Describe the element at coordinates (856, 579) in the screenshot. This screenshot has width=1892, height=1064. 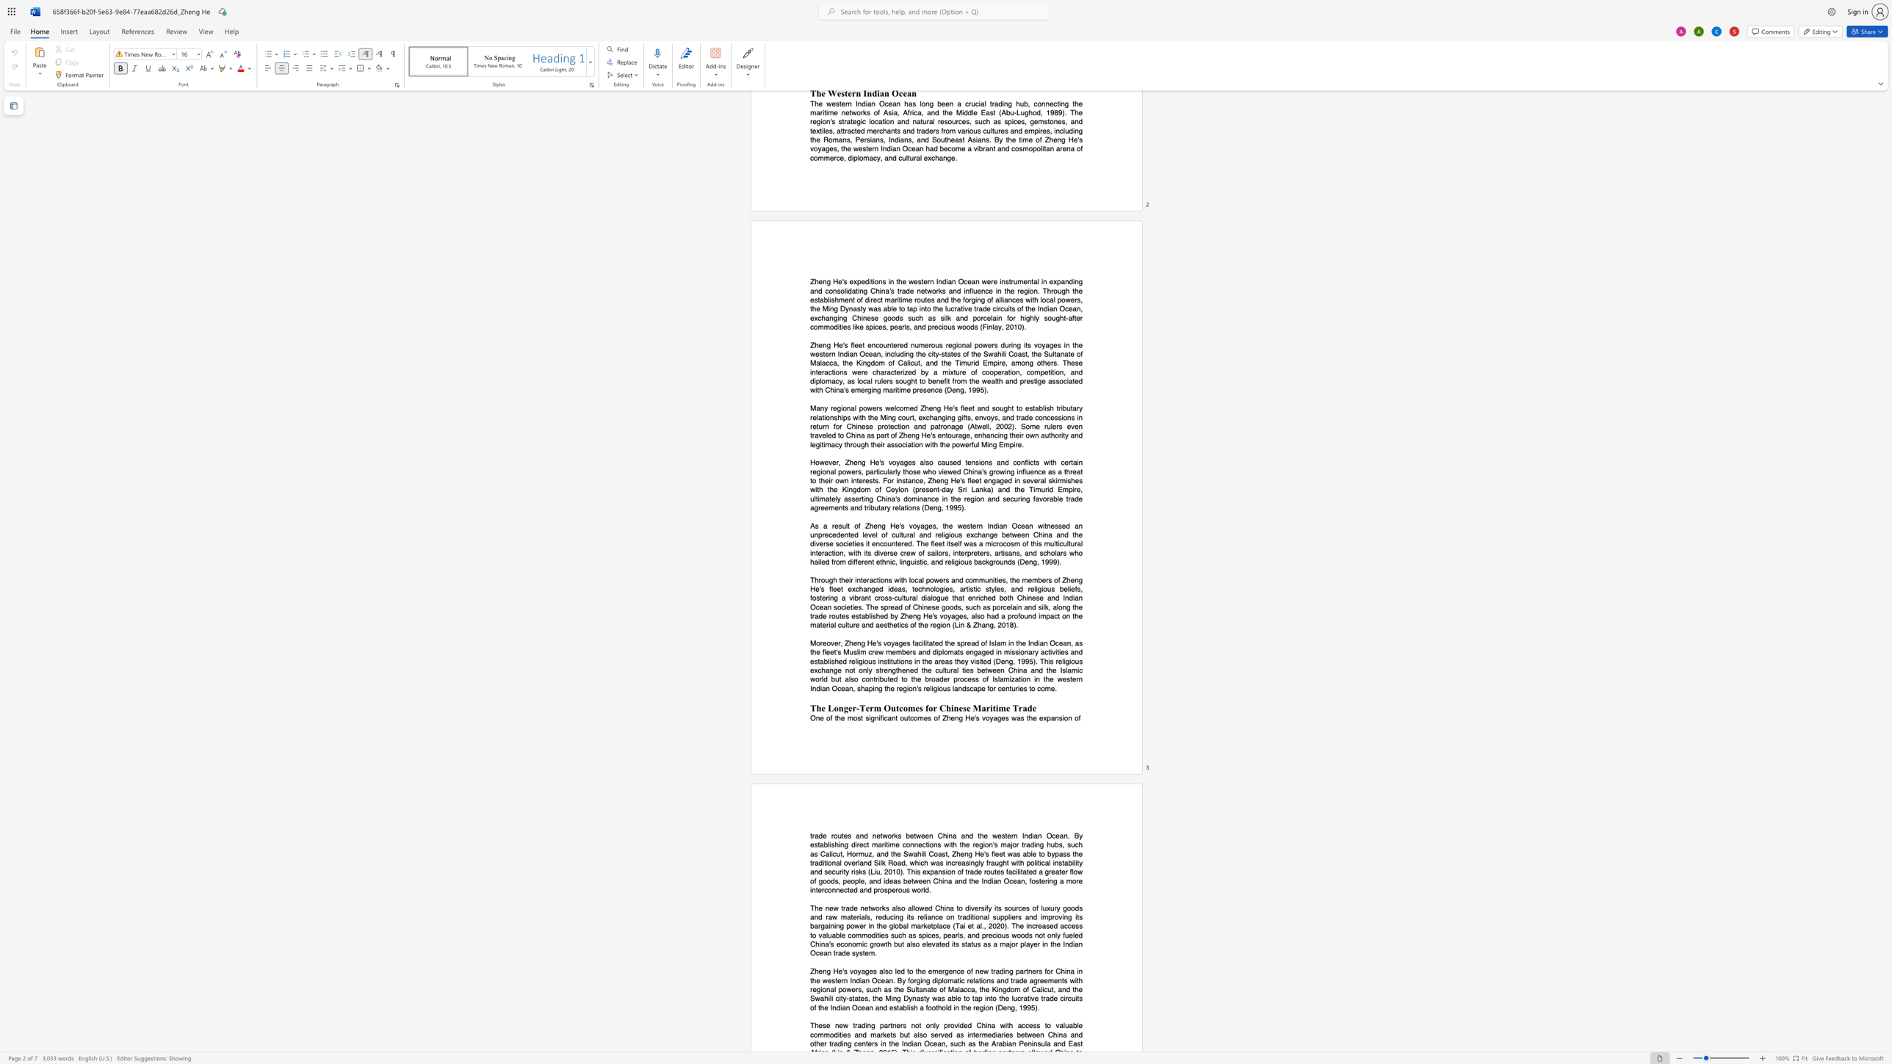
I see `the subset text "nteractions with local powers and communities, the members of Zheng He" within the text "Through their interactions with local powers and communities, the members of Zheng He"` at that location.